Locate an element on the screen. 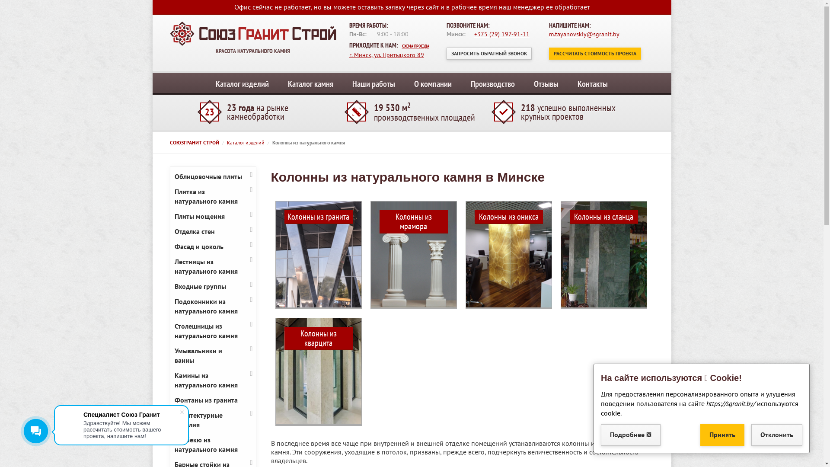 Image resolution: width=830 pixels, height=467 pixels. 'm.tayanovskiy@sgranit.by' is located at coordinates (549, 33).